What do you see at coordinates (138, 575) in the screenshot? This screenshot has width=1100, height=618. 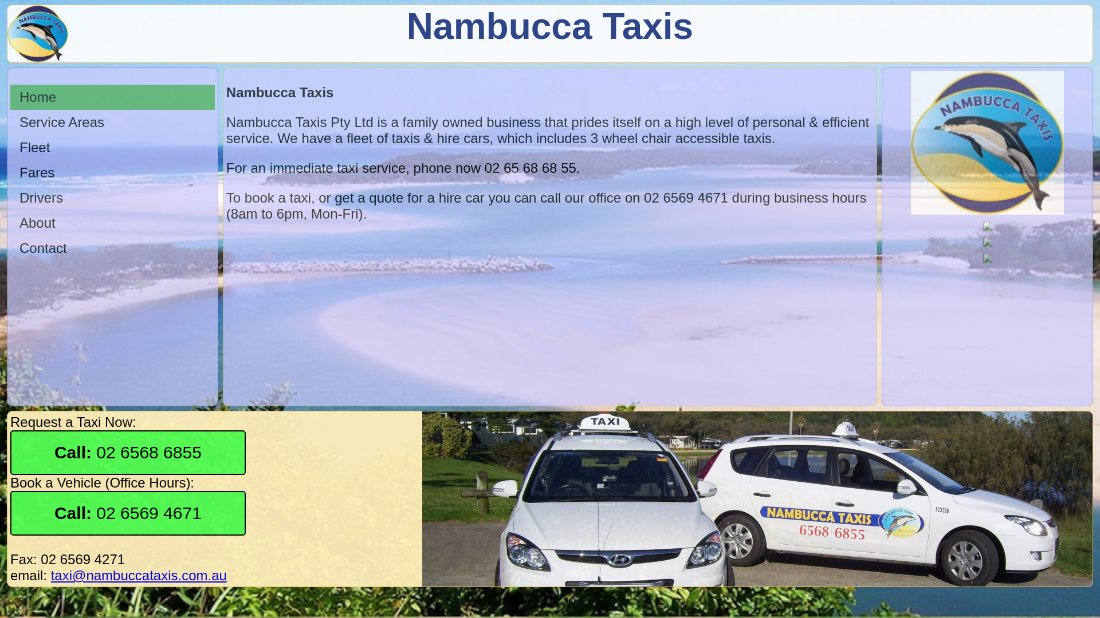 I see `'taxi@nambuccataxis.com.au'` at bounding box center [138, 575].